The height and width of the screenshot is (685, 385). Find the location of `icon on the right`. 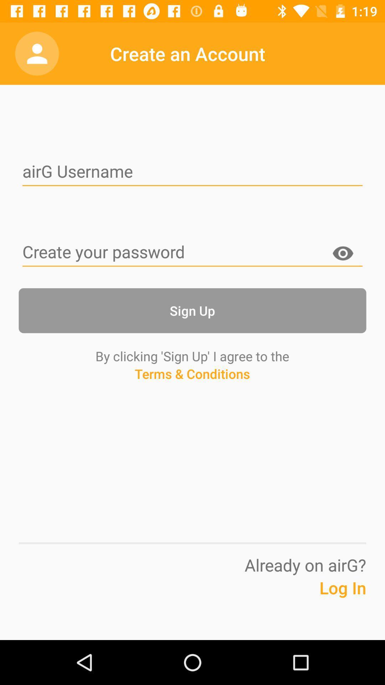

icon on the right is located at coordinates (342, 255).